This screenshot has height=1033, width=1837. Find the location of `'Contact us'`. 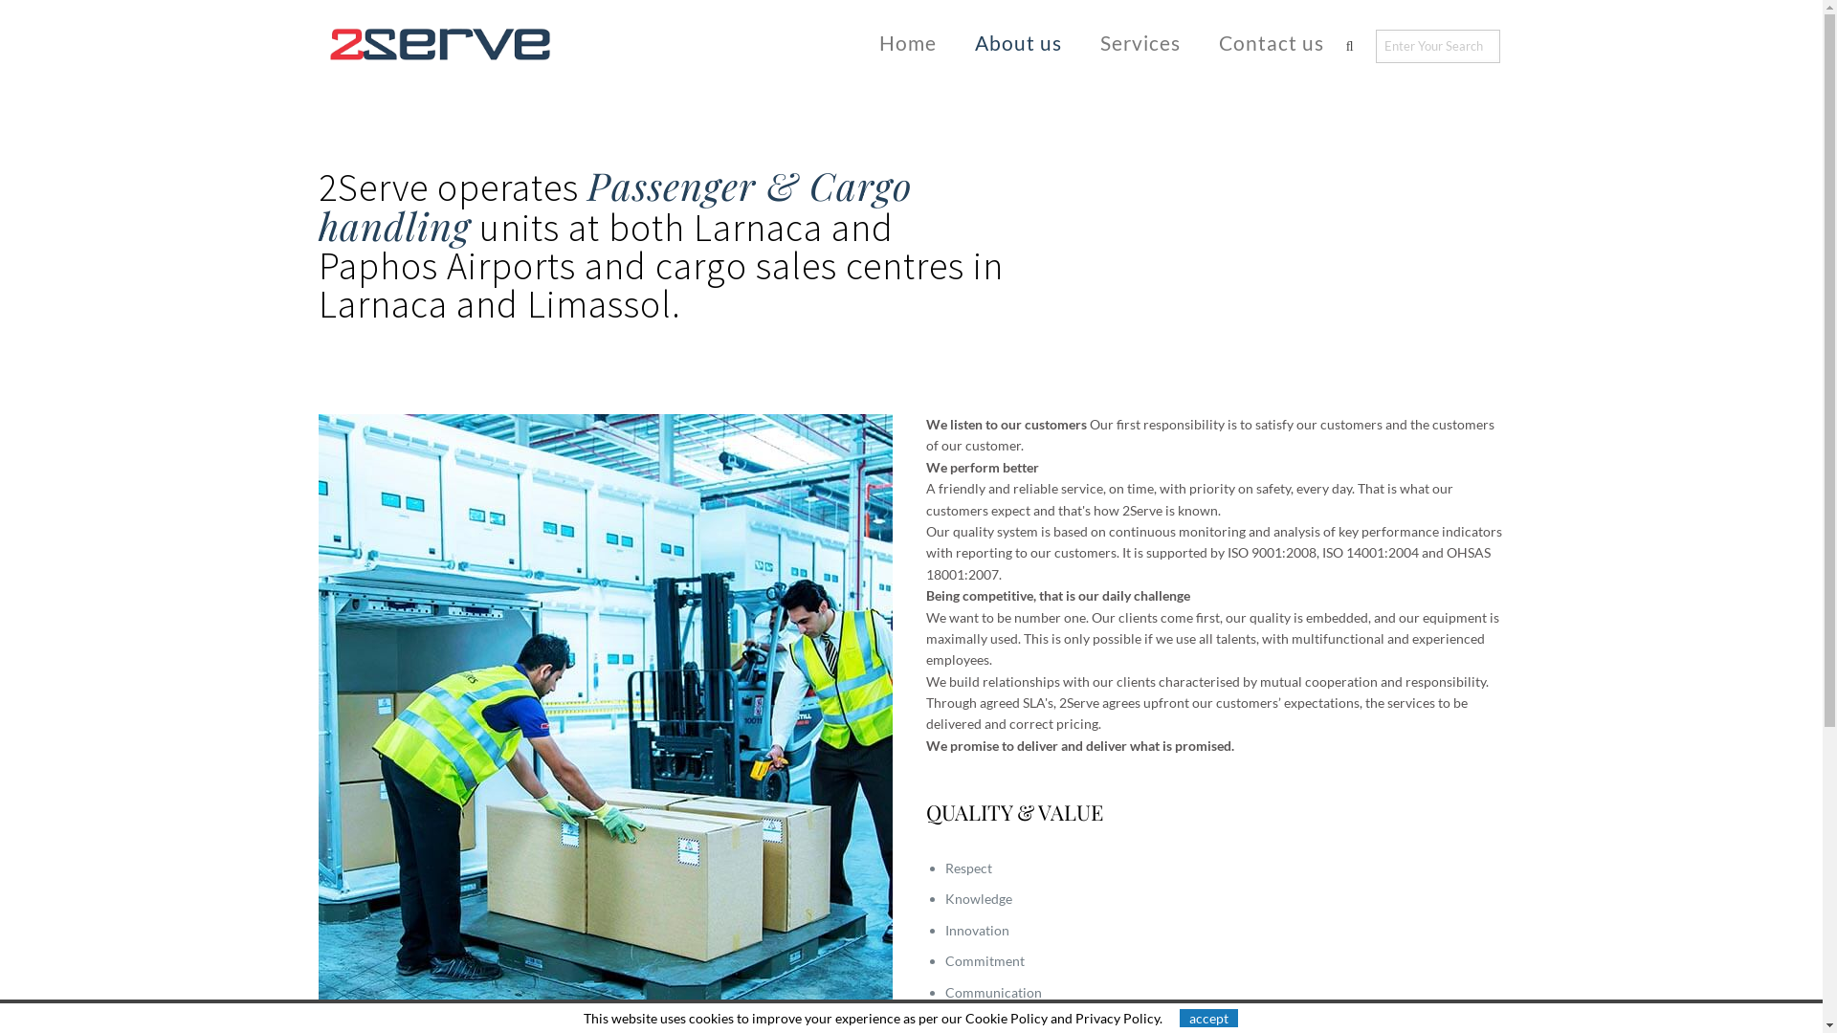

'Contact us' is located at coordinates (1198, 42).